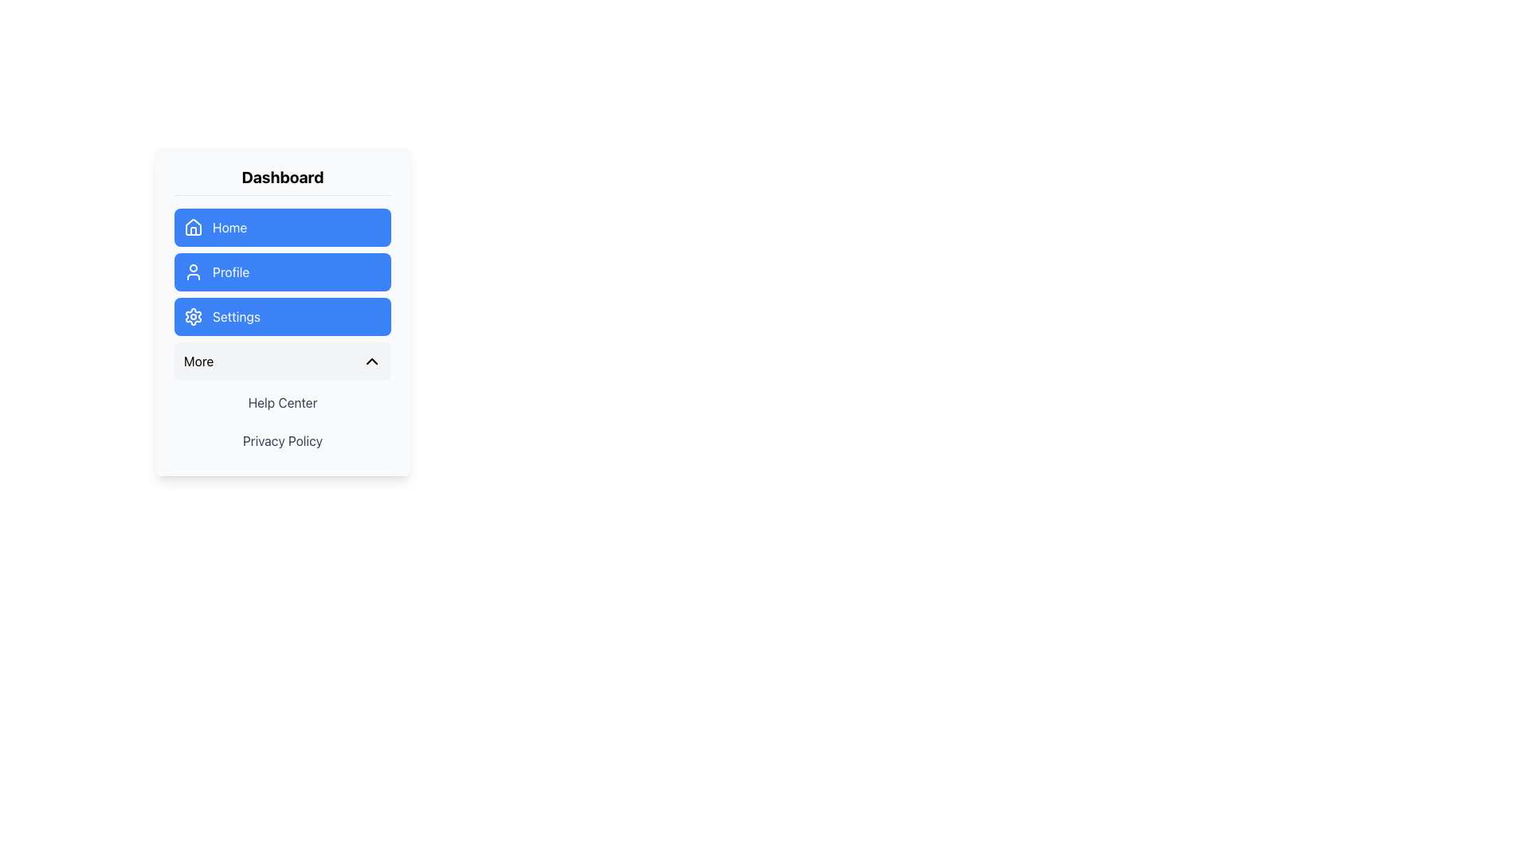  Describe the element at coordinates (283, 441) in the screenshot. I see `the 'Privacy Policy' hyperlink located at the bottom of the section under the 'Help Center' text` at that location.